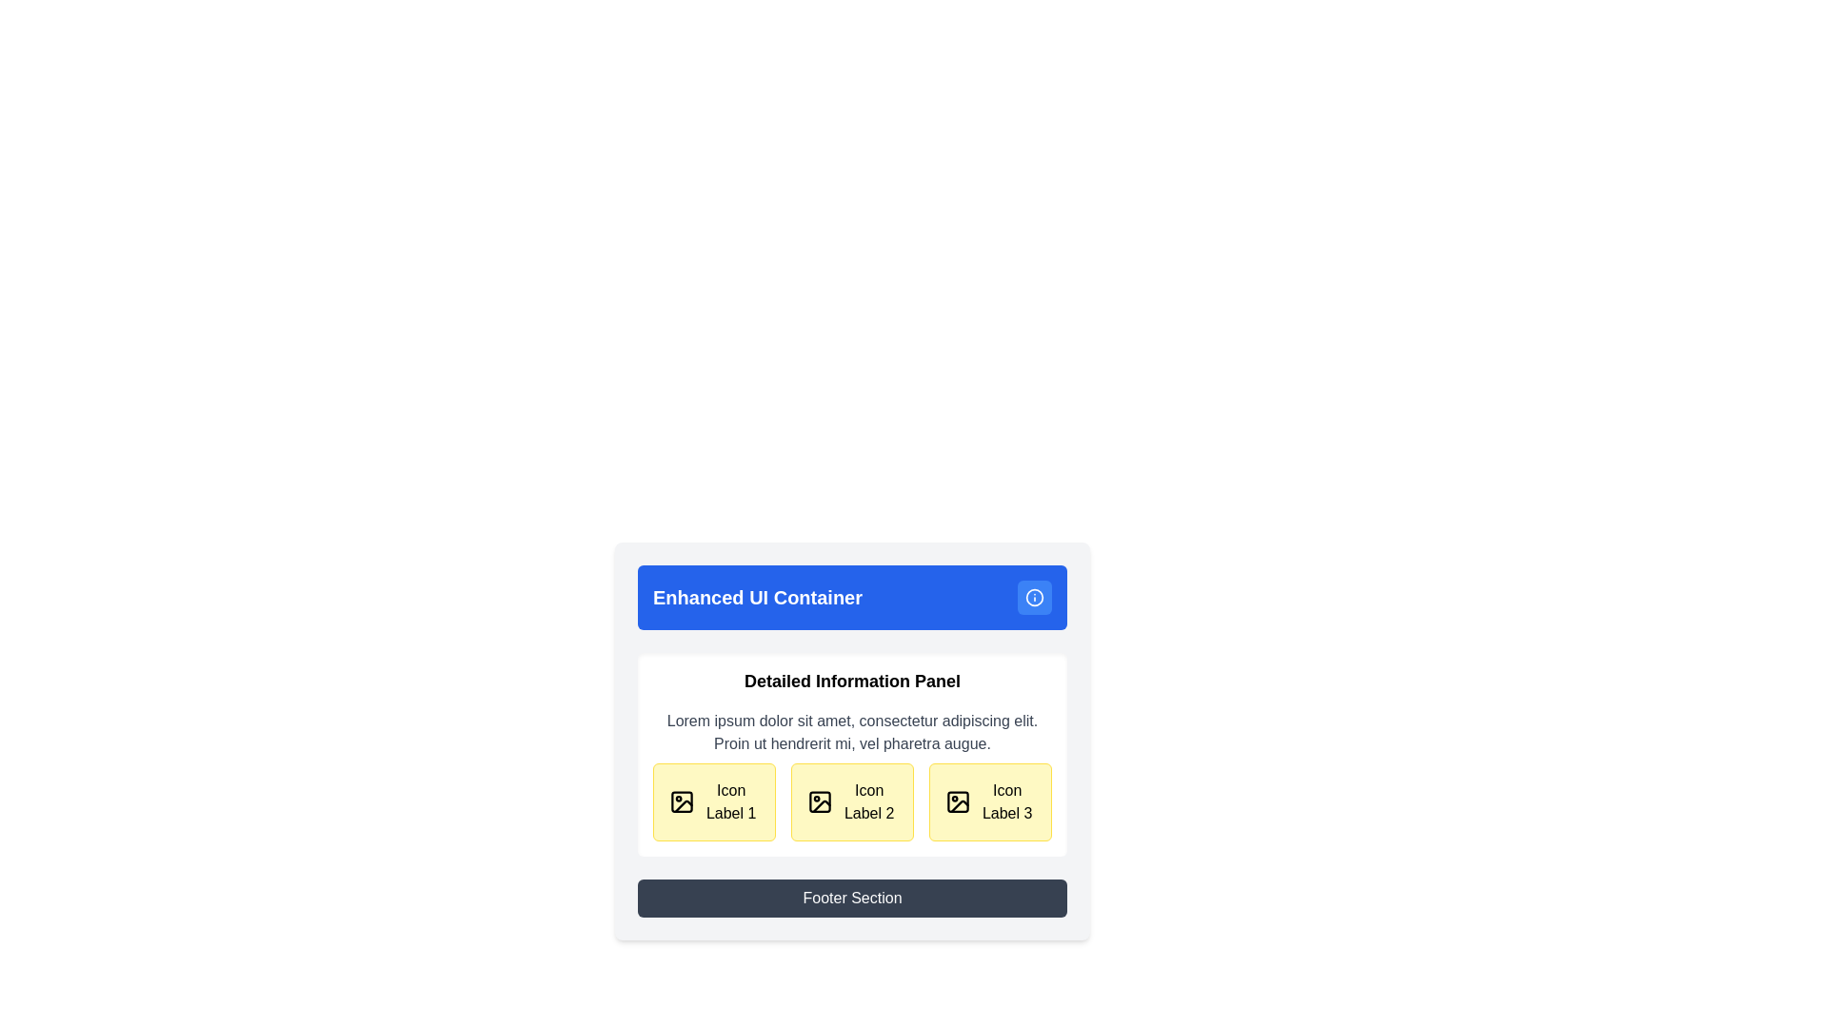 The image size is (1828, 1028). I want to click on the first informational card or block, which consists of an icon and a text label, located in the leftmost position of a grid layout containing three similar elements, so click(713, 802).